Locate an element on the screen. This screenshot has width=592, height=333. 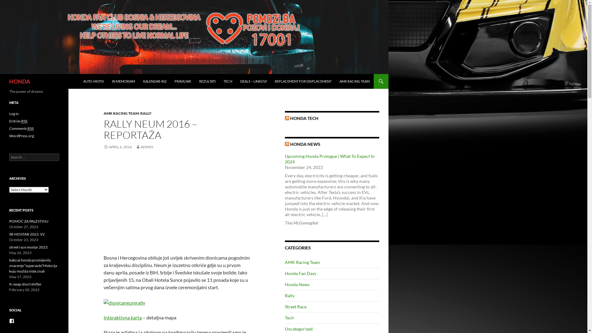
'Search' is located at coordinates (12, 3).